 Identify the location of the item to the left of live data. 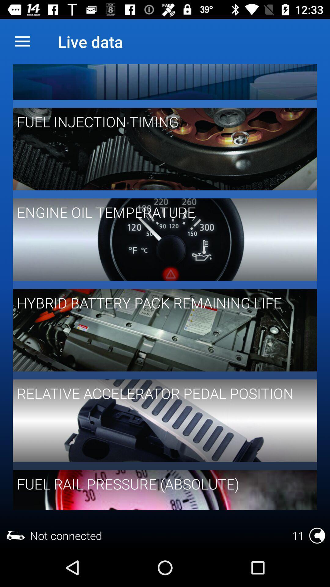
(22, 41).